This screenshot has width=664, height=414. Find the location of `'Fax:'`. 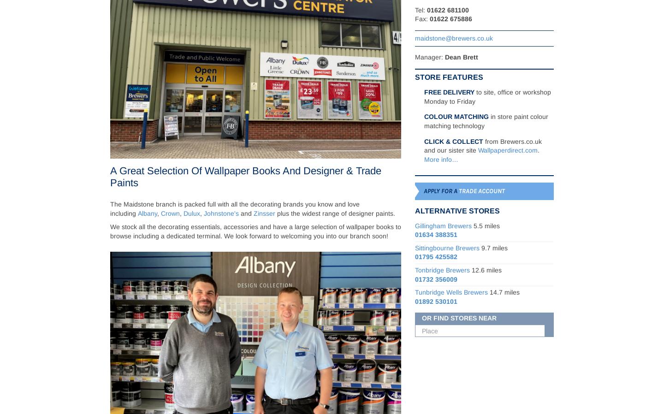

'Fax:' is located at coordinates (422, 18).